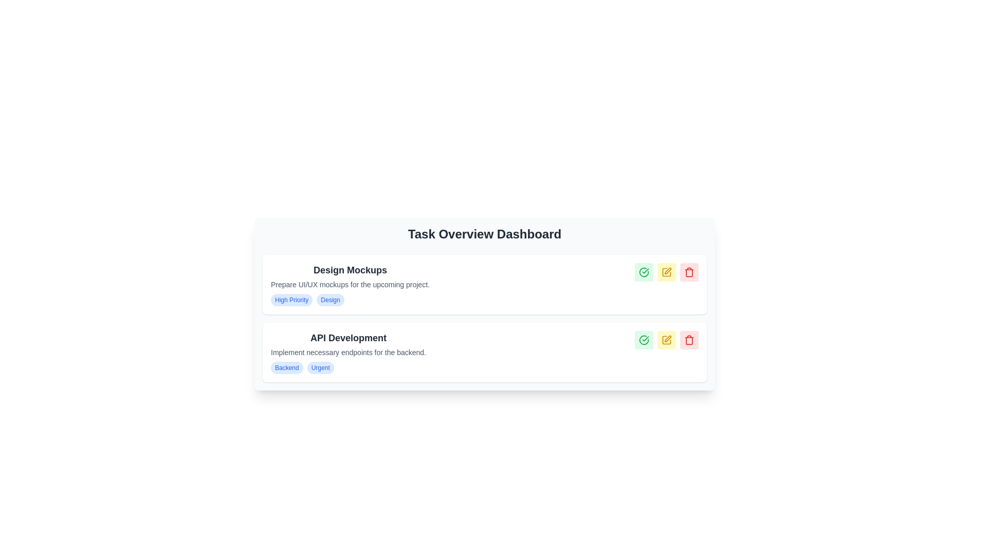 The image size is (987, 555). Describe the element at coordinates (484, 352) in the screenshot. I see `task details from the second task card in the task list, located below 'Design Mockups'` at that location.